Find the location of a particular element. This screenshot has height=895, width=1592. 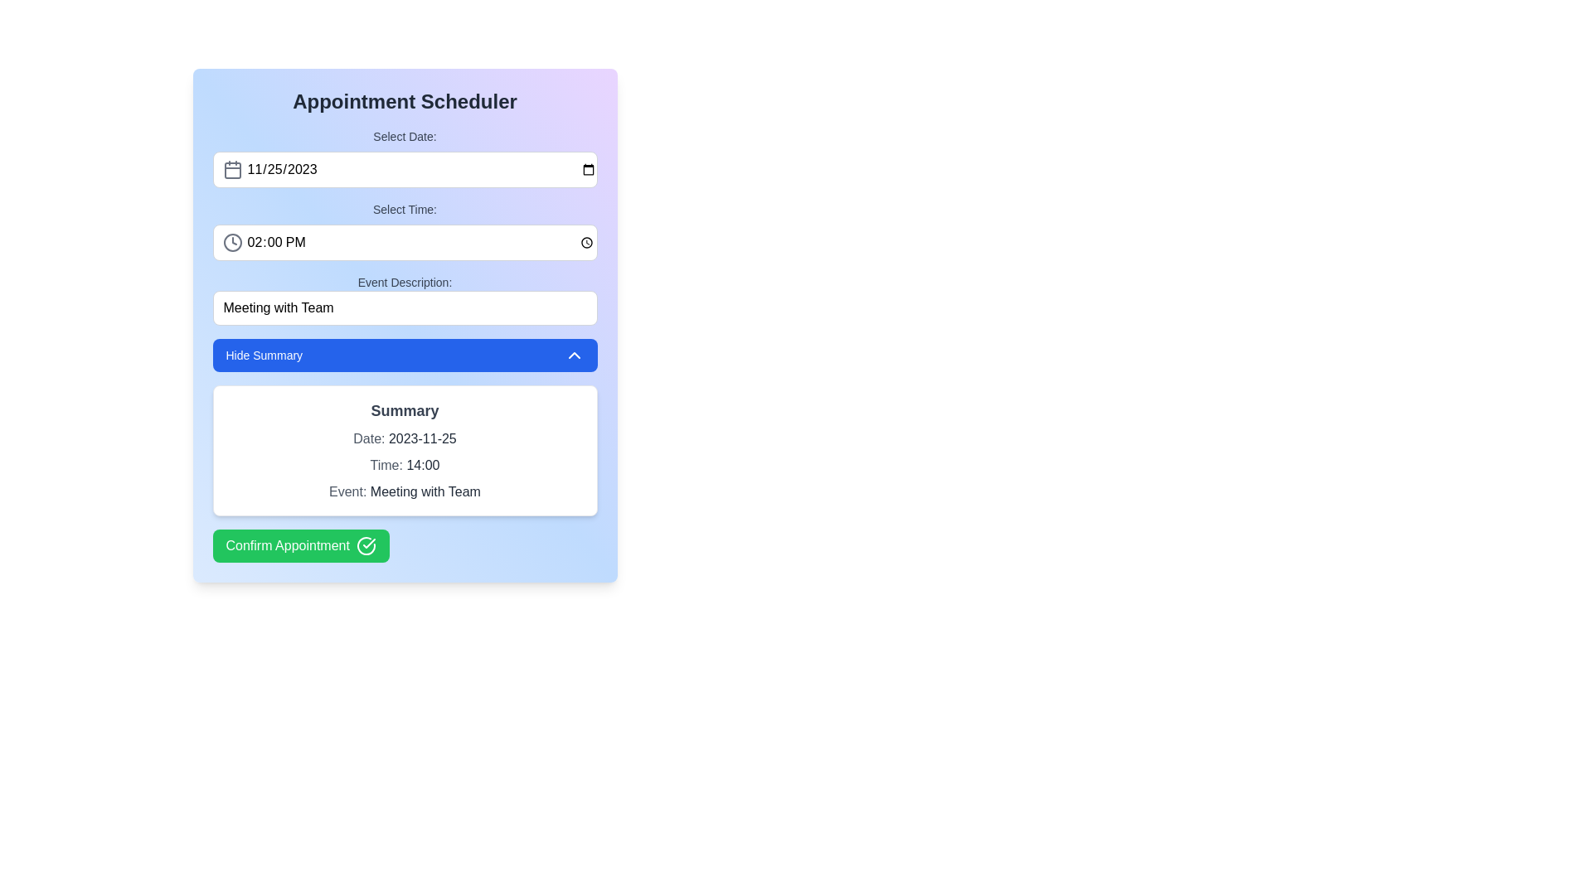

text label that displays 'Select Time:' positioned above the time selection input area in the center of the application interface is located at coordinates (405, 230).